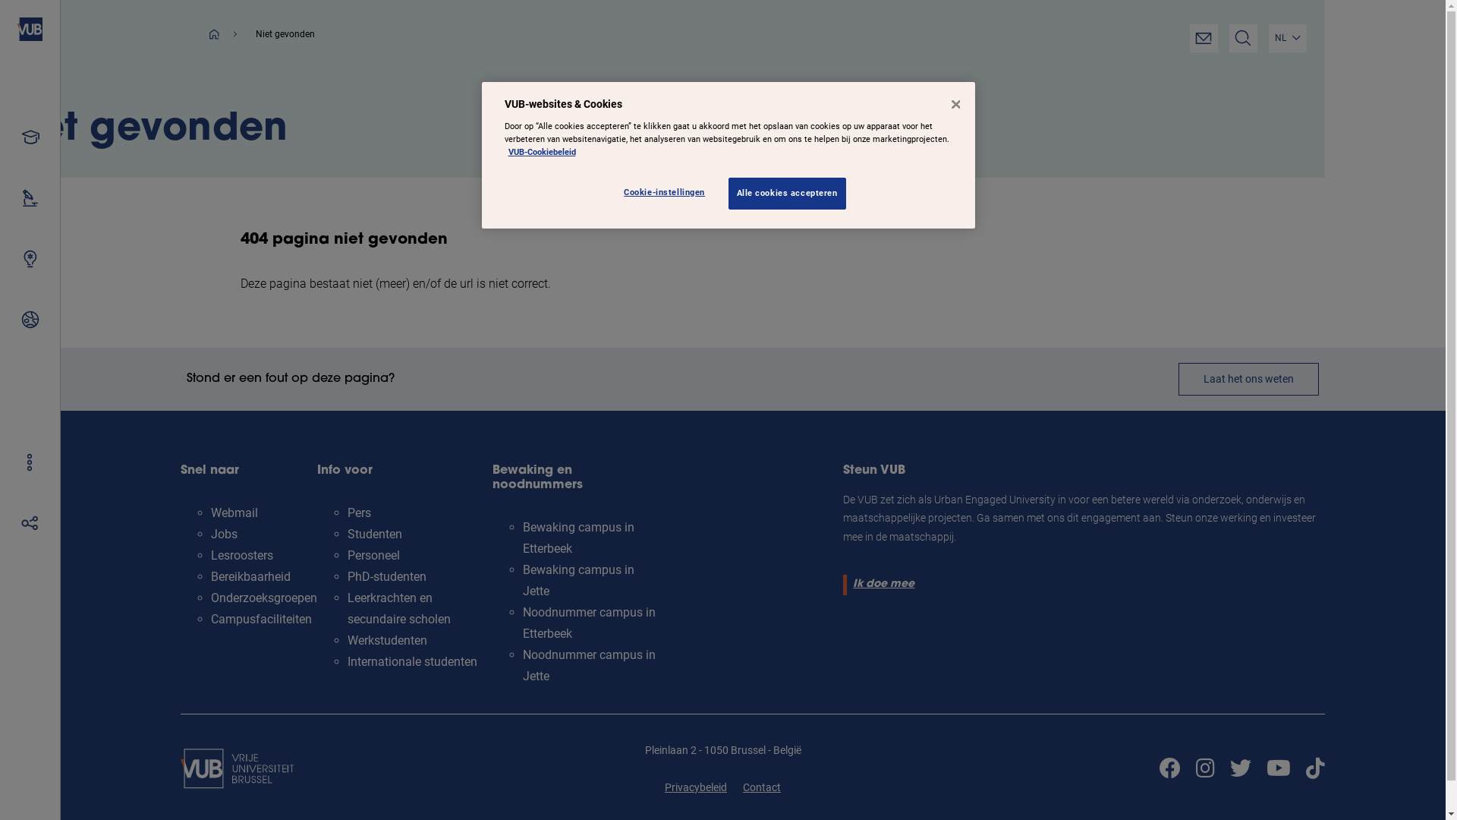 The image size is (1457, 820). I want to click on 'Ik doe mee', so click(881, 584).